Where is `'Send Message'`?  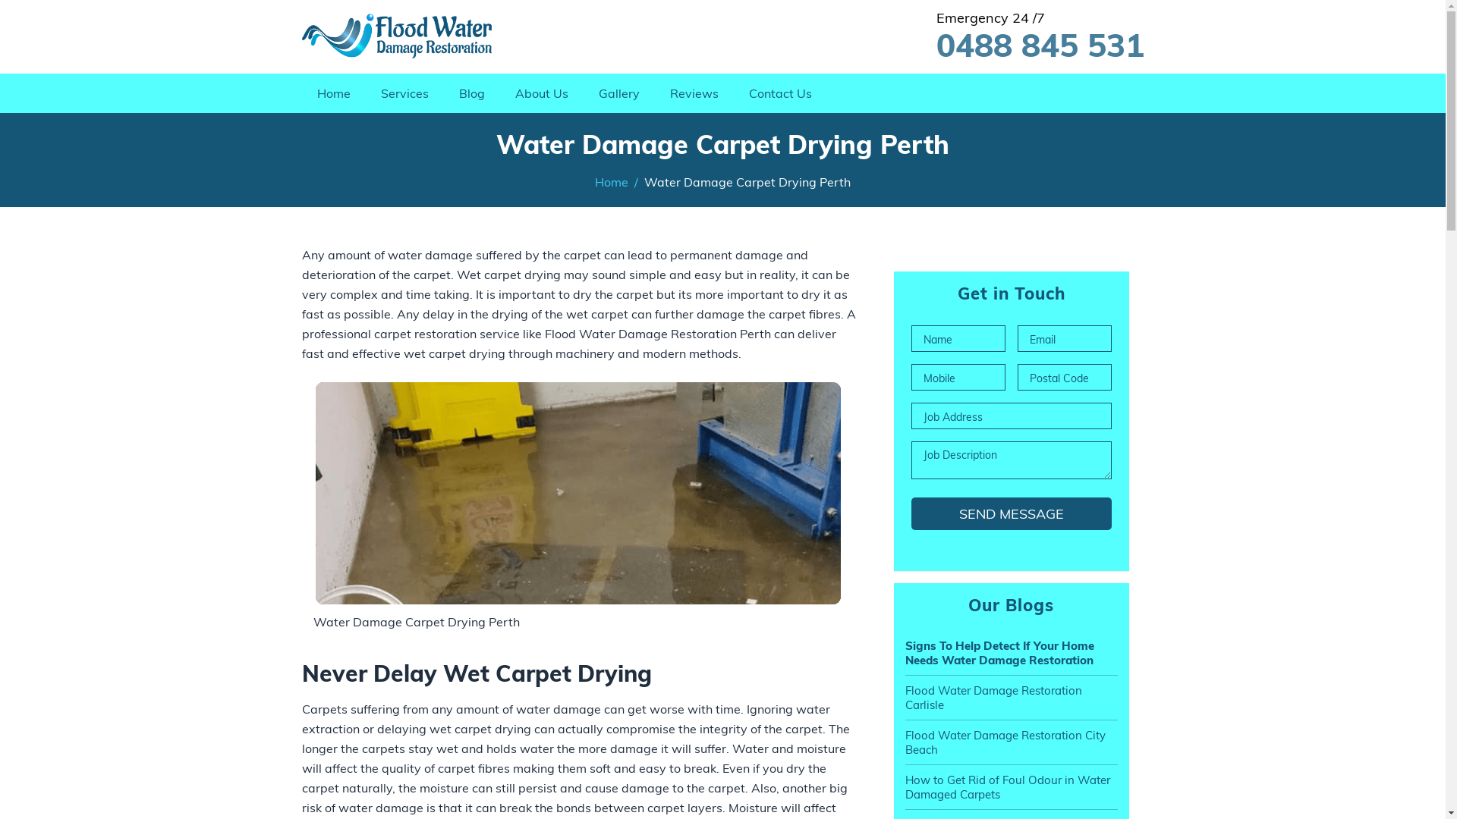 'Send Message' is located at coordinates (1010, 513).